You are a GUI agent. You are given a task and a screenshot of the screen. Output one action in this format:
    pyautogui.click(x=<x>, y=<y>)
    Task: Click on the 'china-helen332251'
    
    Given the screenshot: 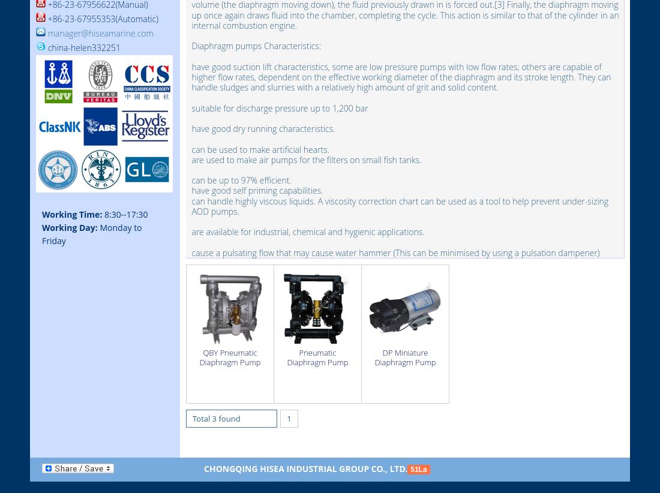 What is the action you would take?
    pyautogui.click(x=82, y=47)
    